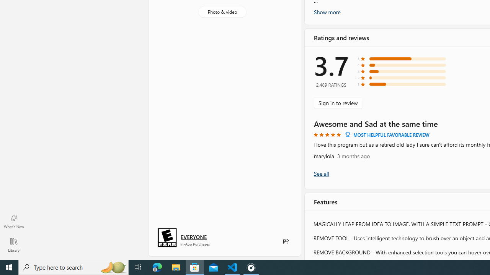 The height and width of the screenshot is (275, 490). Describe the element at coordinates (321, 173) in the screenshot. I see `'Show all ratings and reviews'` at that location.